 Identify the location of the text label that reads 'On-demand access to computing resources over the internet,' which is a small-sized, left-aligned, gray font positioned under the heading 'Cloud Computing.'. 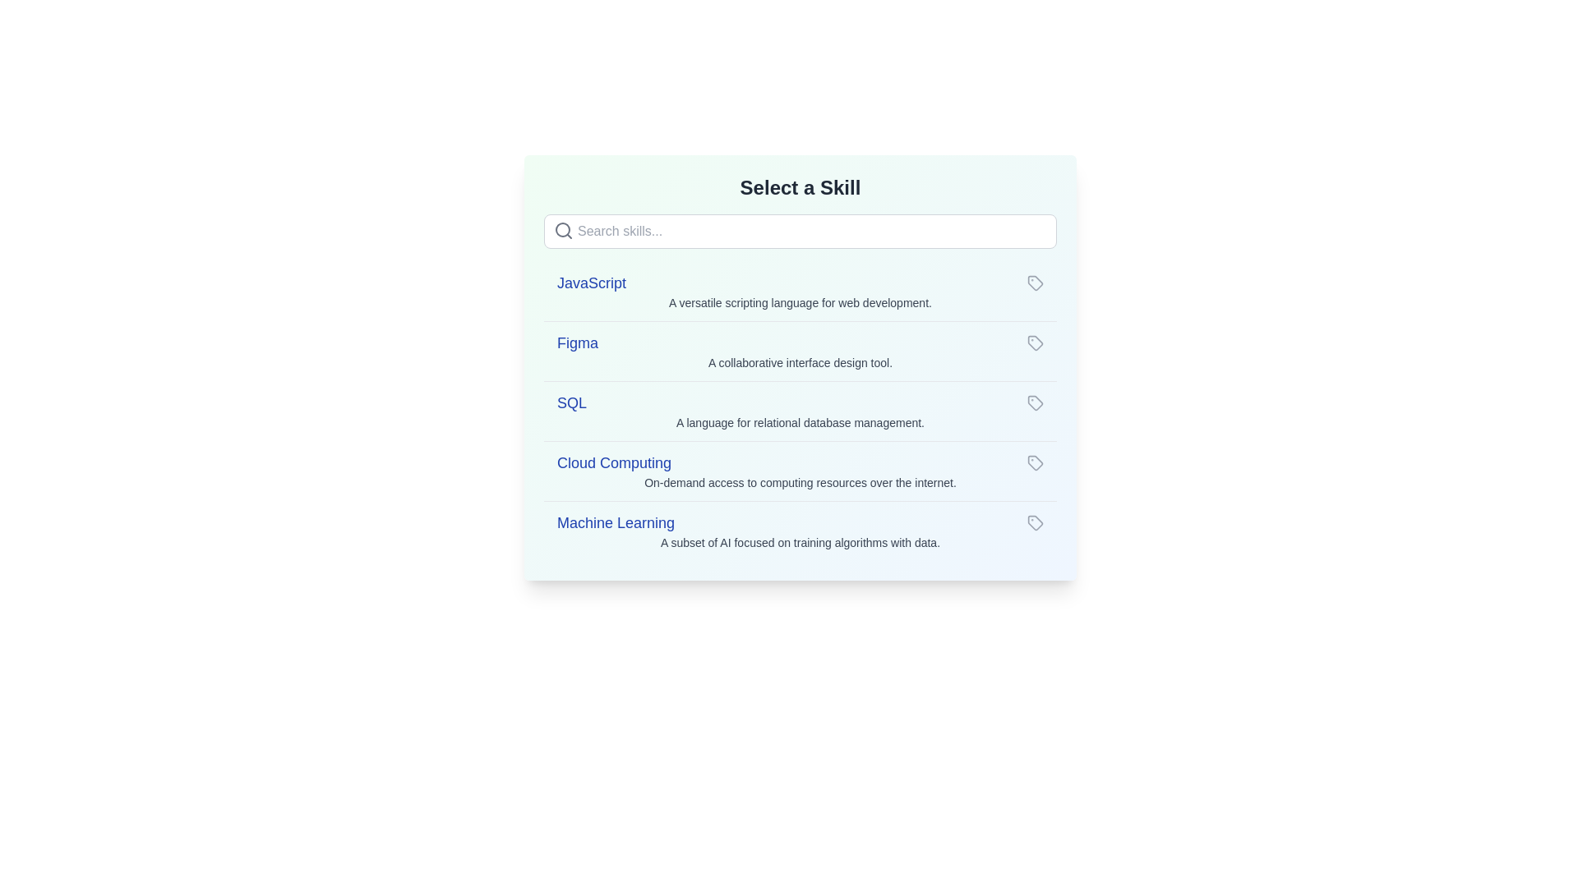
(801, 481).